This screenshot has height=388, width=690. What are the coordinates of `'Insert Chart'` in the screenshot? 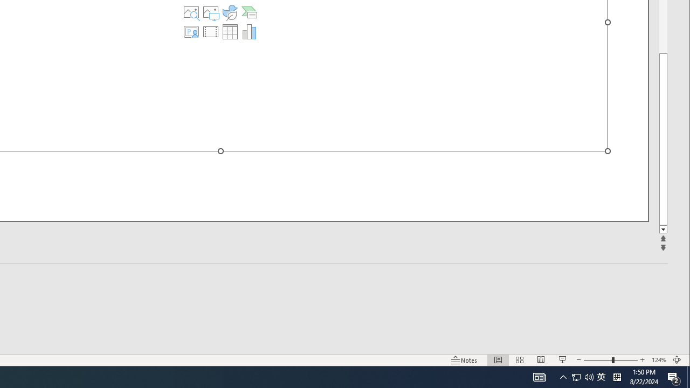 It's located at (249, 31).